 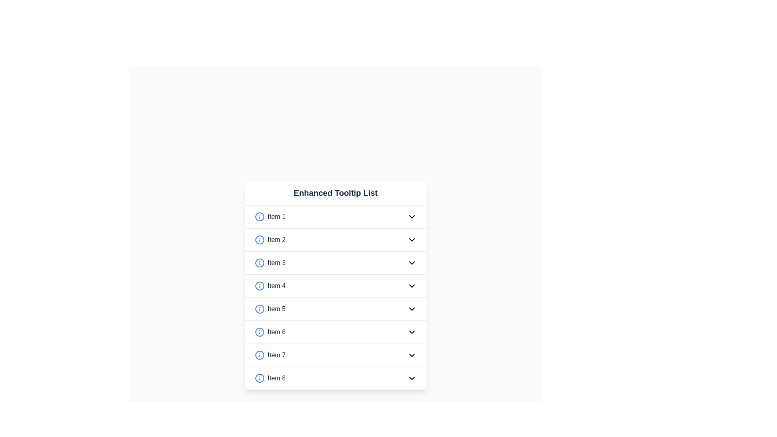 What do you see at coordinates (270, 240) in the screenshot?
I see `the graphic icon associated with the second item in the 'Enhanced Tooltip List'` at bounding box center [270, 240].